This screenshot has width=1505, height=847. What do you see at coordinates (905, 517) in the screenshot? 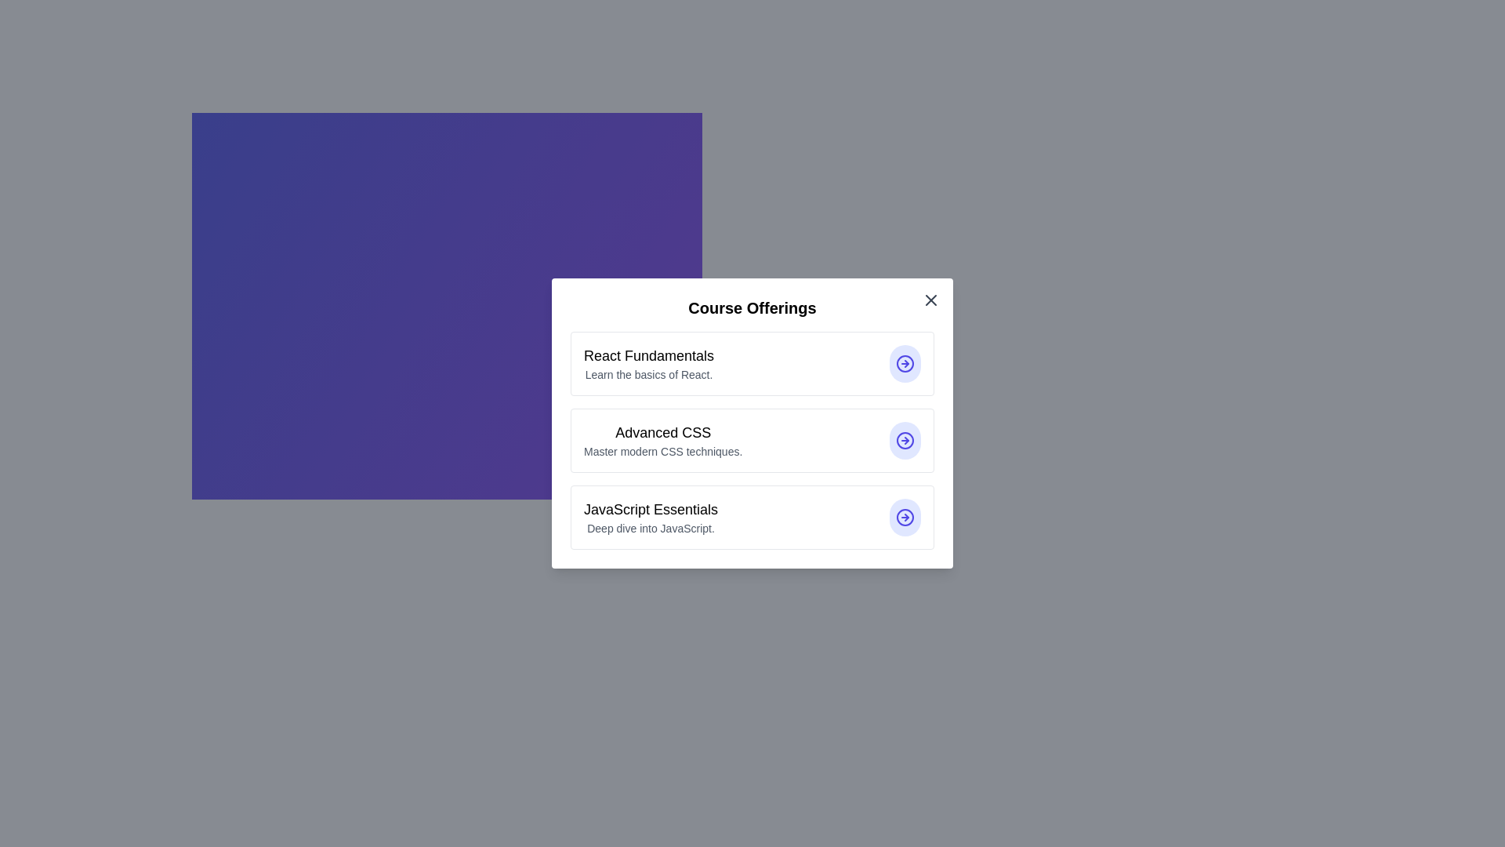
I see `the button located at the rightmost side of the 'JavaScript Essentials' course item` at bounding box center [905, 517].